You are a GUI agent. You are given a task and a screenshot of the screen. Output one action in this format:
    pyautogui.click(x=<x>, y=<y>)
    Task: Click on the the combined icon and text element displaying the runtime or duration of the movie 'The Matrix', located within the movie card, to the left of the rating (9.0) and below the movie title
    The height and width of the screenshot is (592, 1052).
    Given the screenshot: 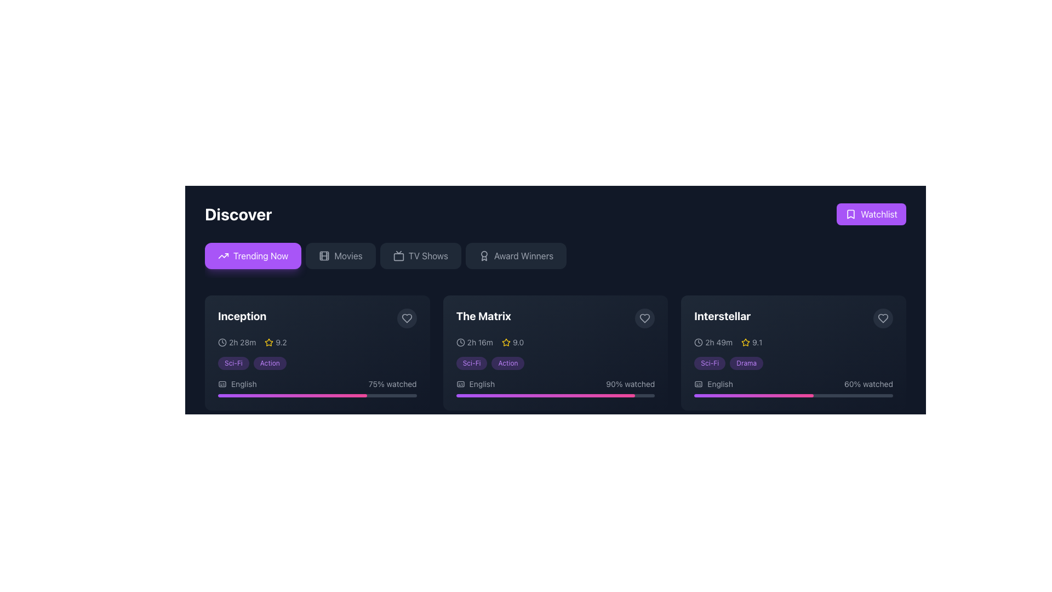 What is the action you would take?
    pyautogui.click(x=474, y=341)
    